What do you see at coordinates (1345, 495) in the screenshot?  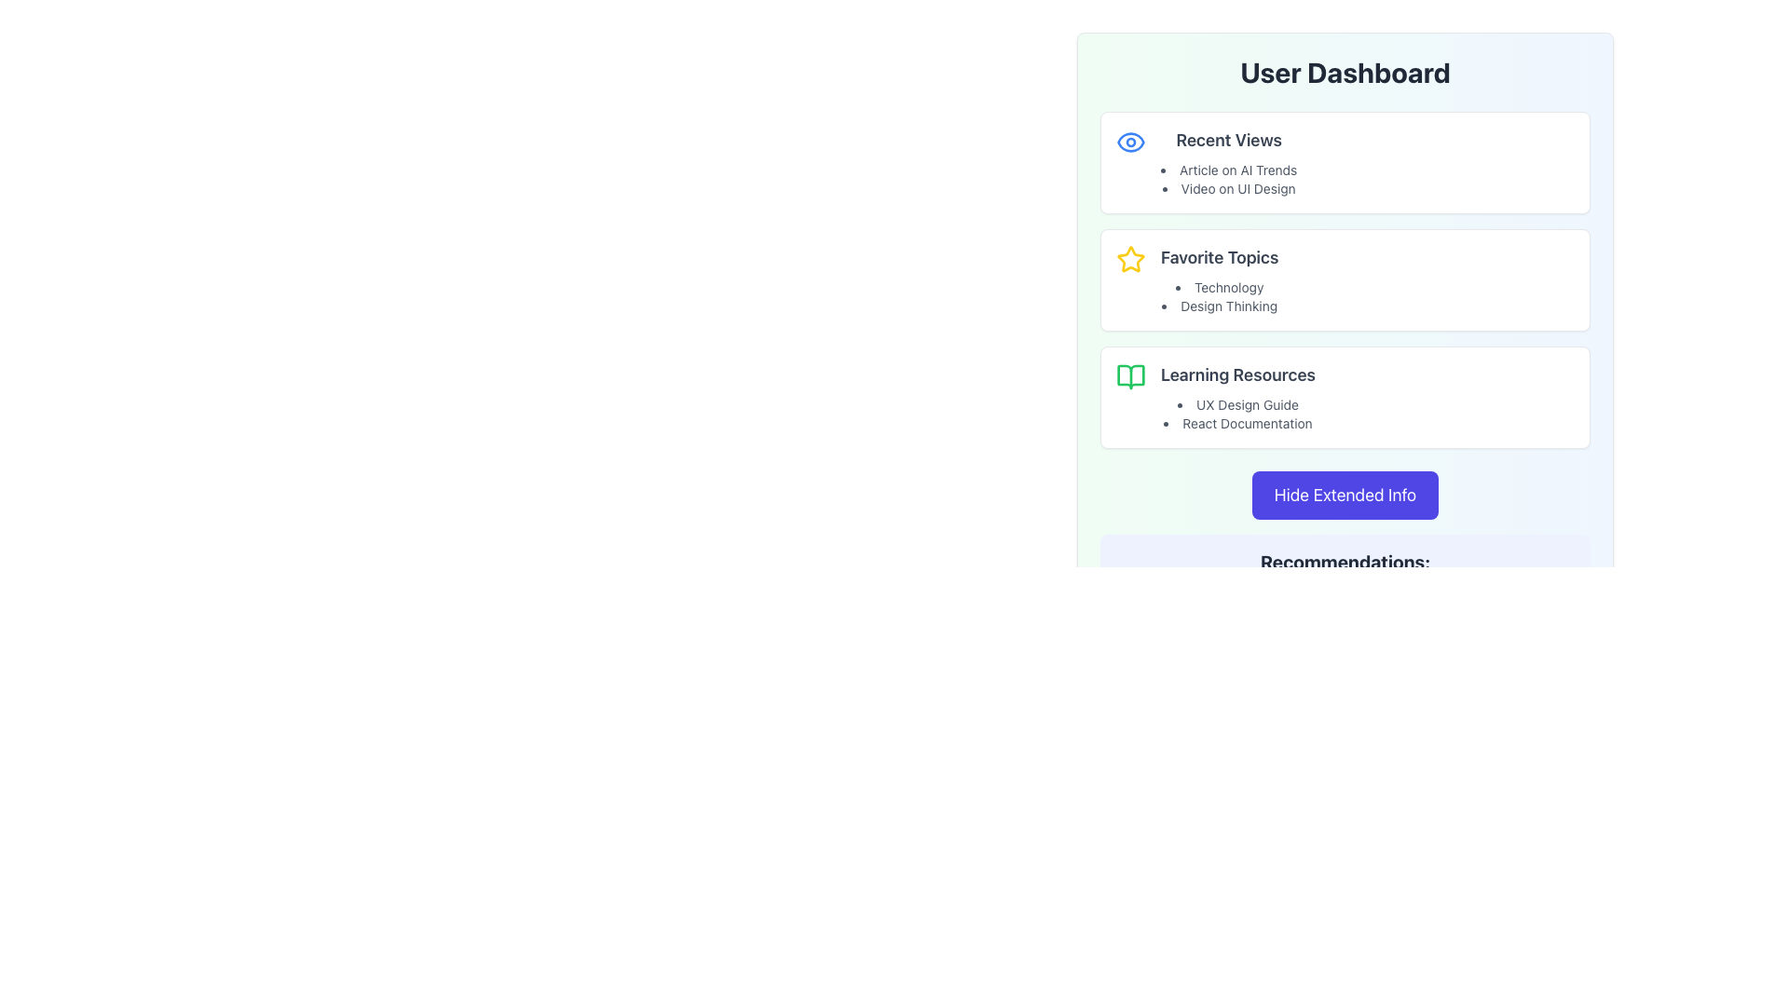 I see `the visibility toggle button located in the 'User Dashboard' panel, positioned just below the 'Learning Resources' section and above the 'Recommendations' section to trigger hover effects` at bounding box center [1345, 495].